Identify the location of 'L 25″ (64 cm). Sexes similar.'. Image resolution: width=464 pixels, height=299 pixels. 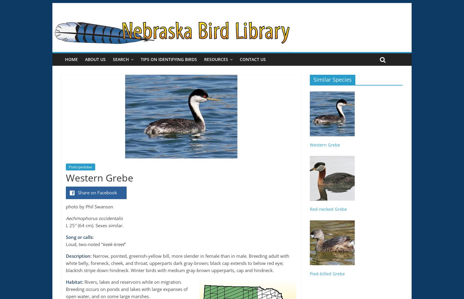
(94, 225).